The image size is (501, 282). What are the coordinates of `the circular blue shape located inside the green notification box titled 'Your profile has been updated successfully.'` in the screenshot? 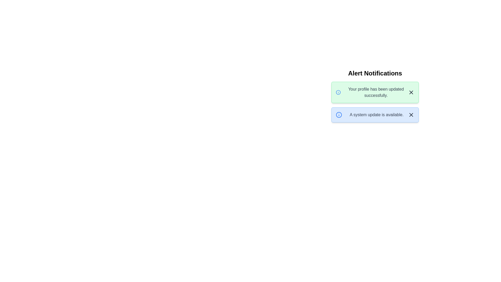 It's located at (338, 92).